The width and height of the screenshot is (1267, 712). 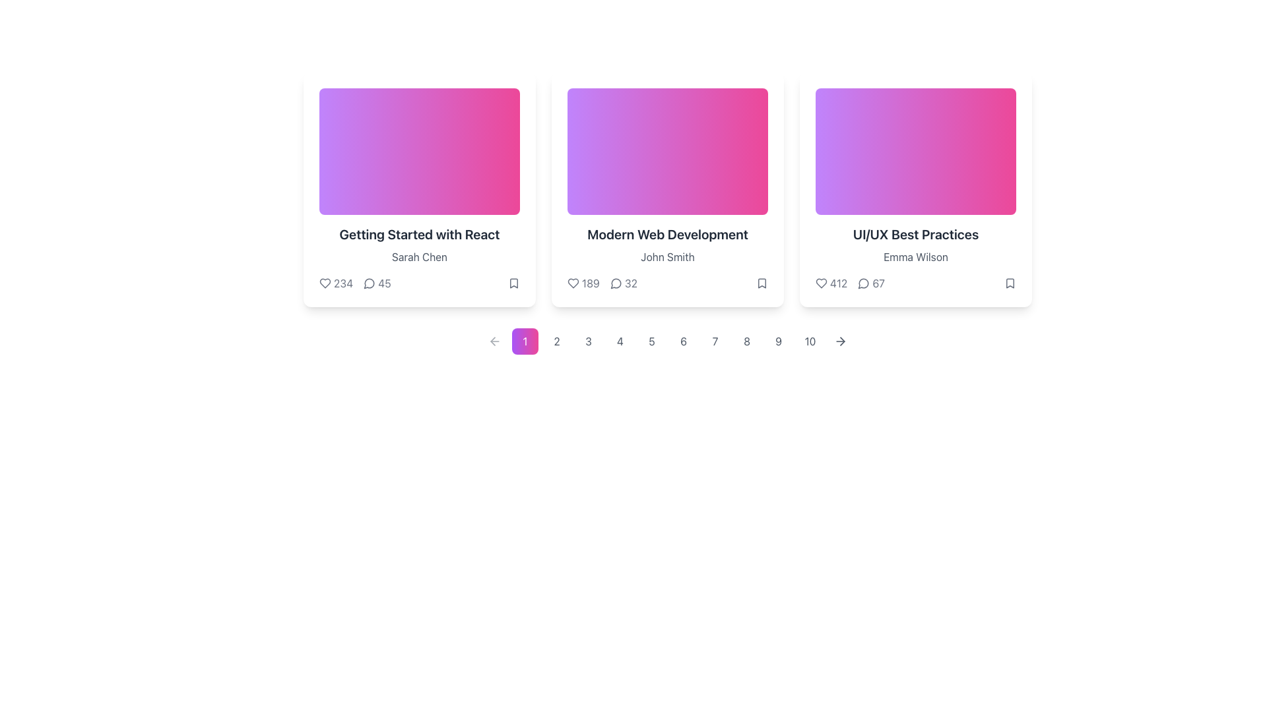 What do you see at coordinates (355, 282) in the screenshot?
I see `the heart icon count '234' in the Information cluster below the title and author name section of the first card` at bounding box center [355, 282].